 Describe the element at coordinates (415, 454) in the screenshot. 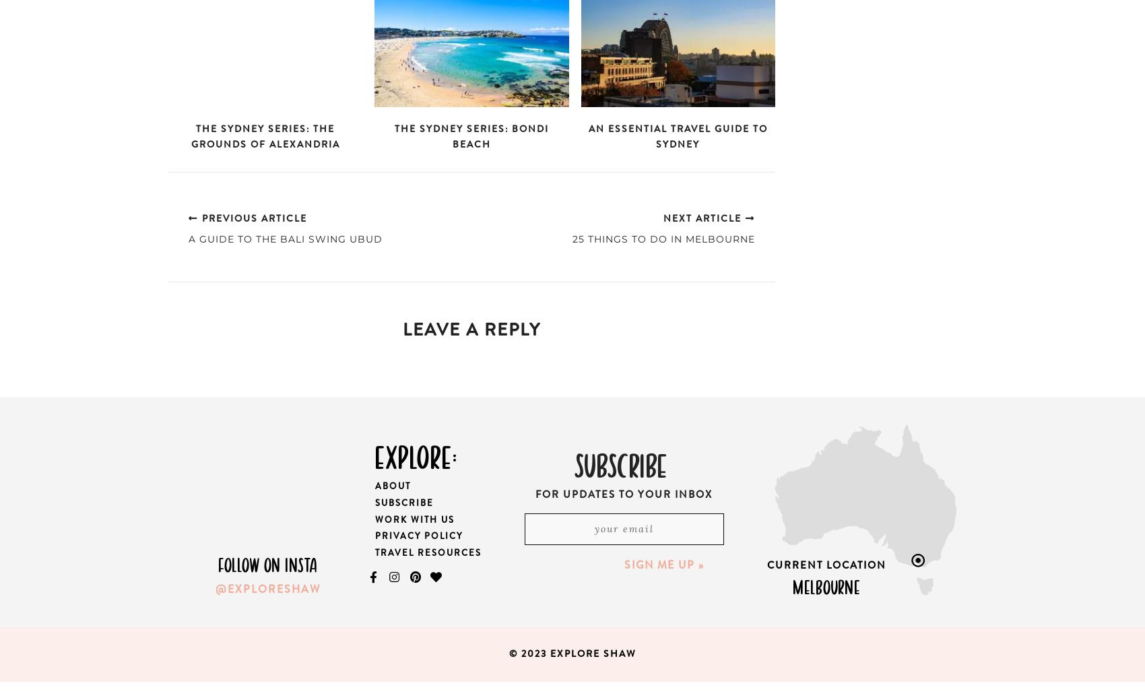

I see `'explore:'` at that location.